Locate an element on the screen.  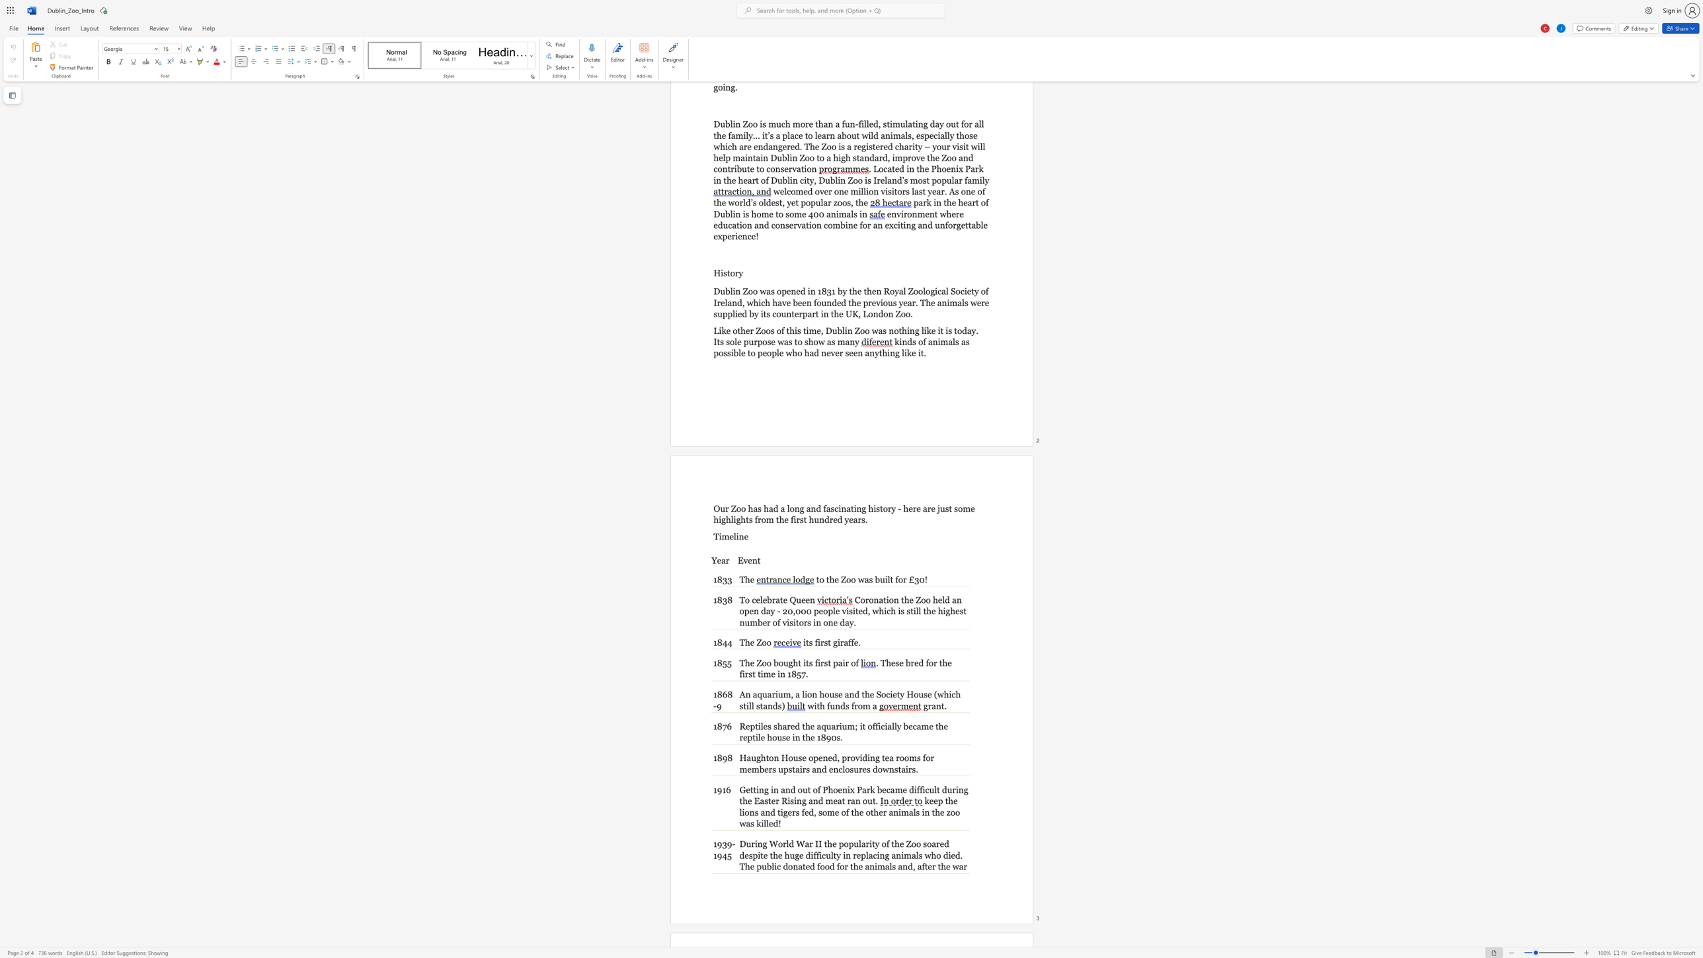
the subset text "t for £3" within the text "to the Zoo was built for £30!" is located at coordinates (889, 579).